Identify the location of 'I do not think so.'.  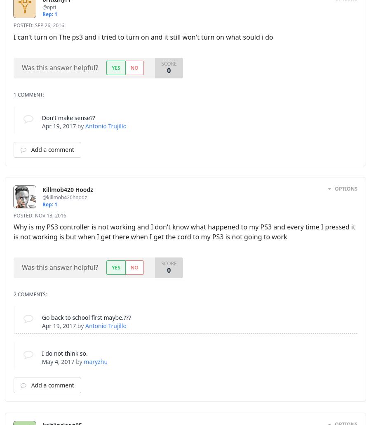
(64, 353).